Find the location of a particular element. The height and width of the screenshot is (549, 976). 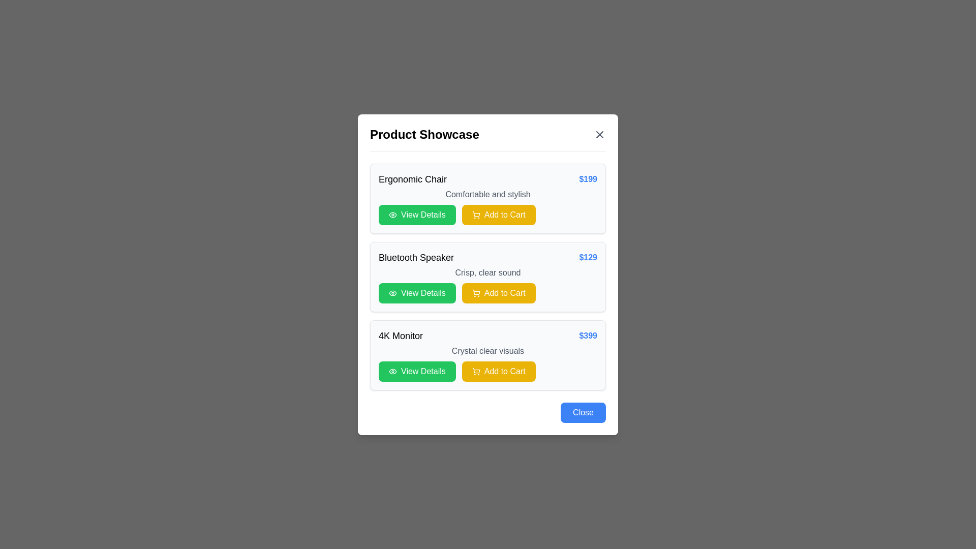

the text label within the 'Add to Cart' button located to the right of the shopping cart icon is located at coordinates (505, 293).